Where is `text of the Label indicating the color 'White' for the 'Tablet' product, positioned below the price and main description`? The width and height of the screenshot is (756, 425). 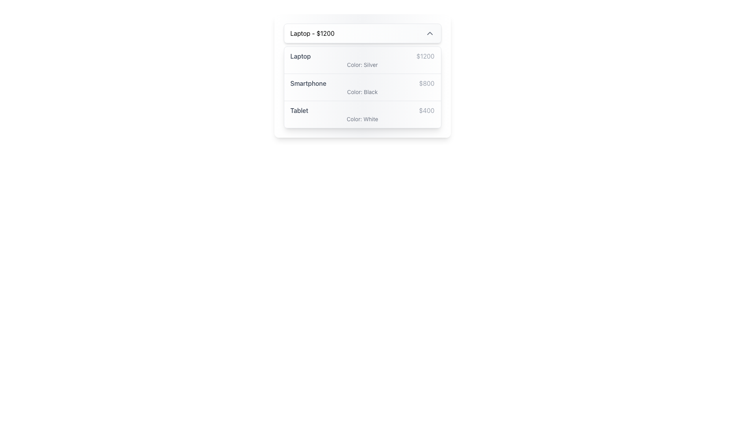 text of the Label indicating the color 'White' for the 'Tablet' product, positioned below the price and main description is located at coordinates (362, 119).